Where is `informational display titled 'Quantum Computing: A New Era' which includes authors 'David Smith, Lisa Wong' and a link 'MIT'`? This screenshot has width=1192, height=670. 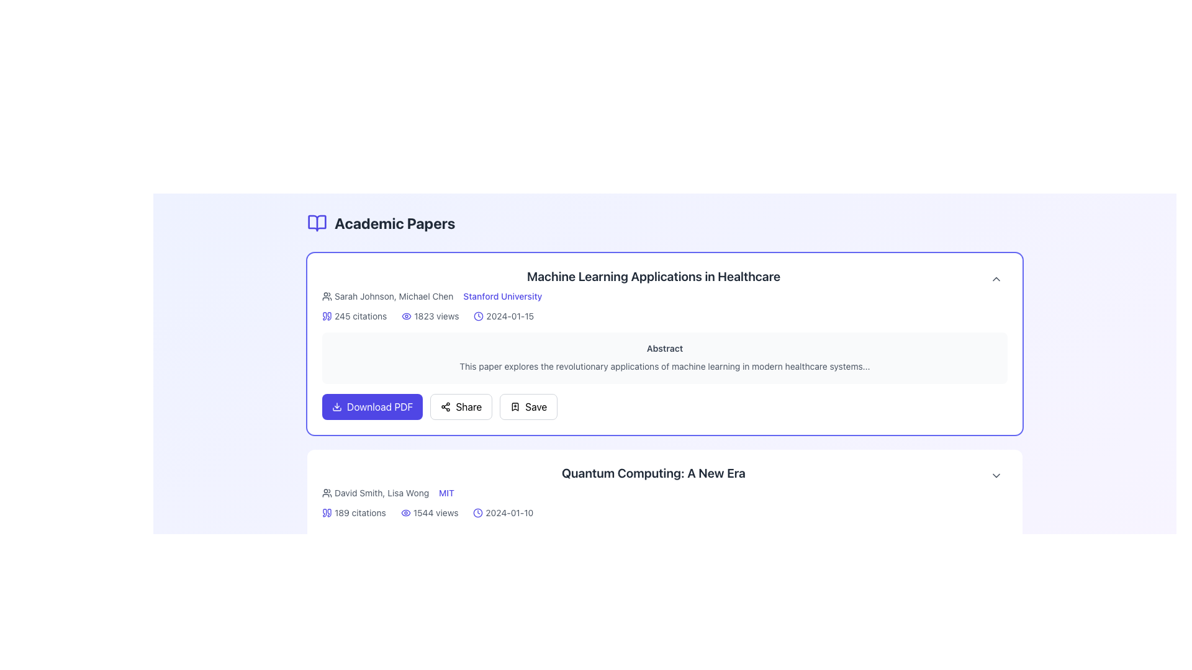
informational display titled 'Quantum Computing: A New Era' which includes authors 'David Smith, Lisa Wong' and a link 'MIT' is located at coordinates (652, 485).